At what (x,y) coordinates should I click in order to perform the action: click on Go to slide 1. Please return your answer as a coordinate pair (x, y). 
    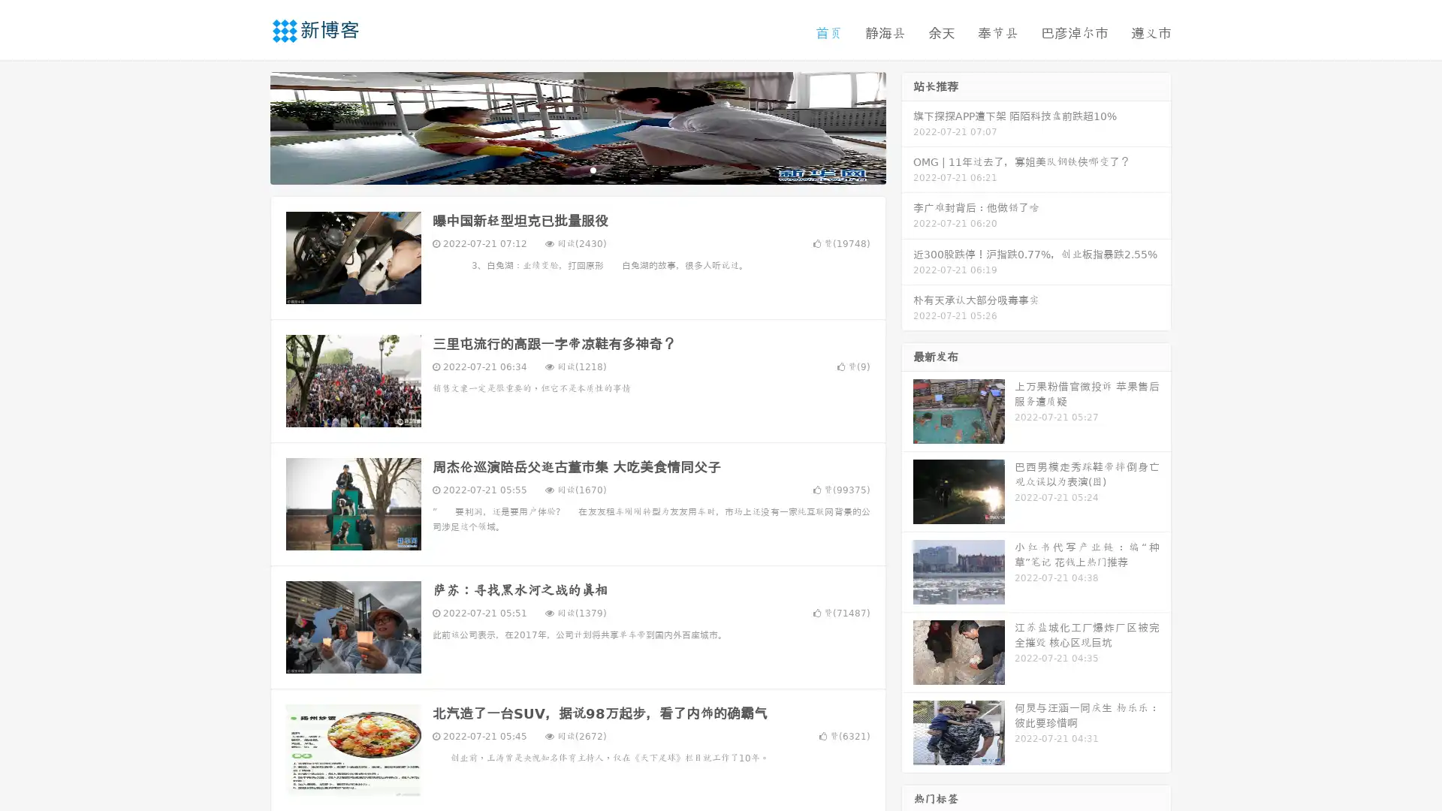
    Looking at the image, I should click on (562, 169).